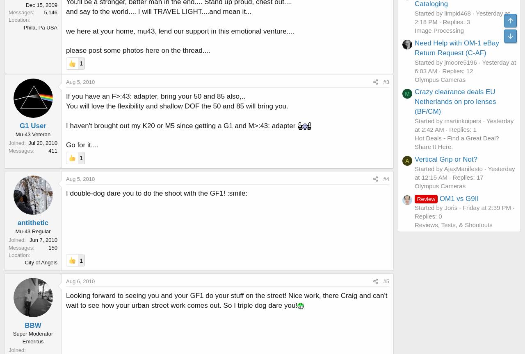 The width and height of the screenshot is (525, 354). I want to click on 'and say to the world.... I will TRAVEL LIGHT....and mean it...', so click(158, 11).